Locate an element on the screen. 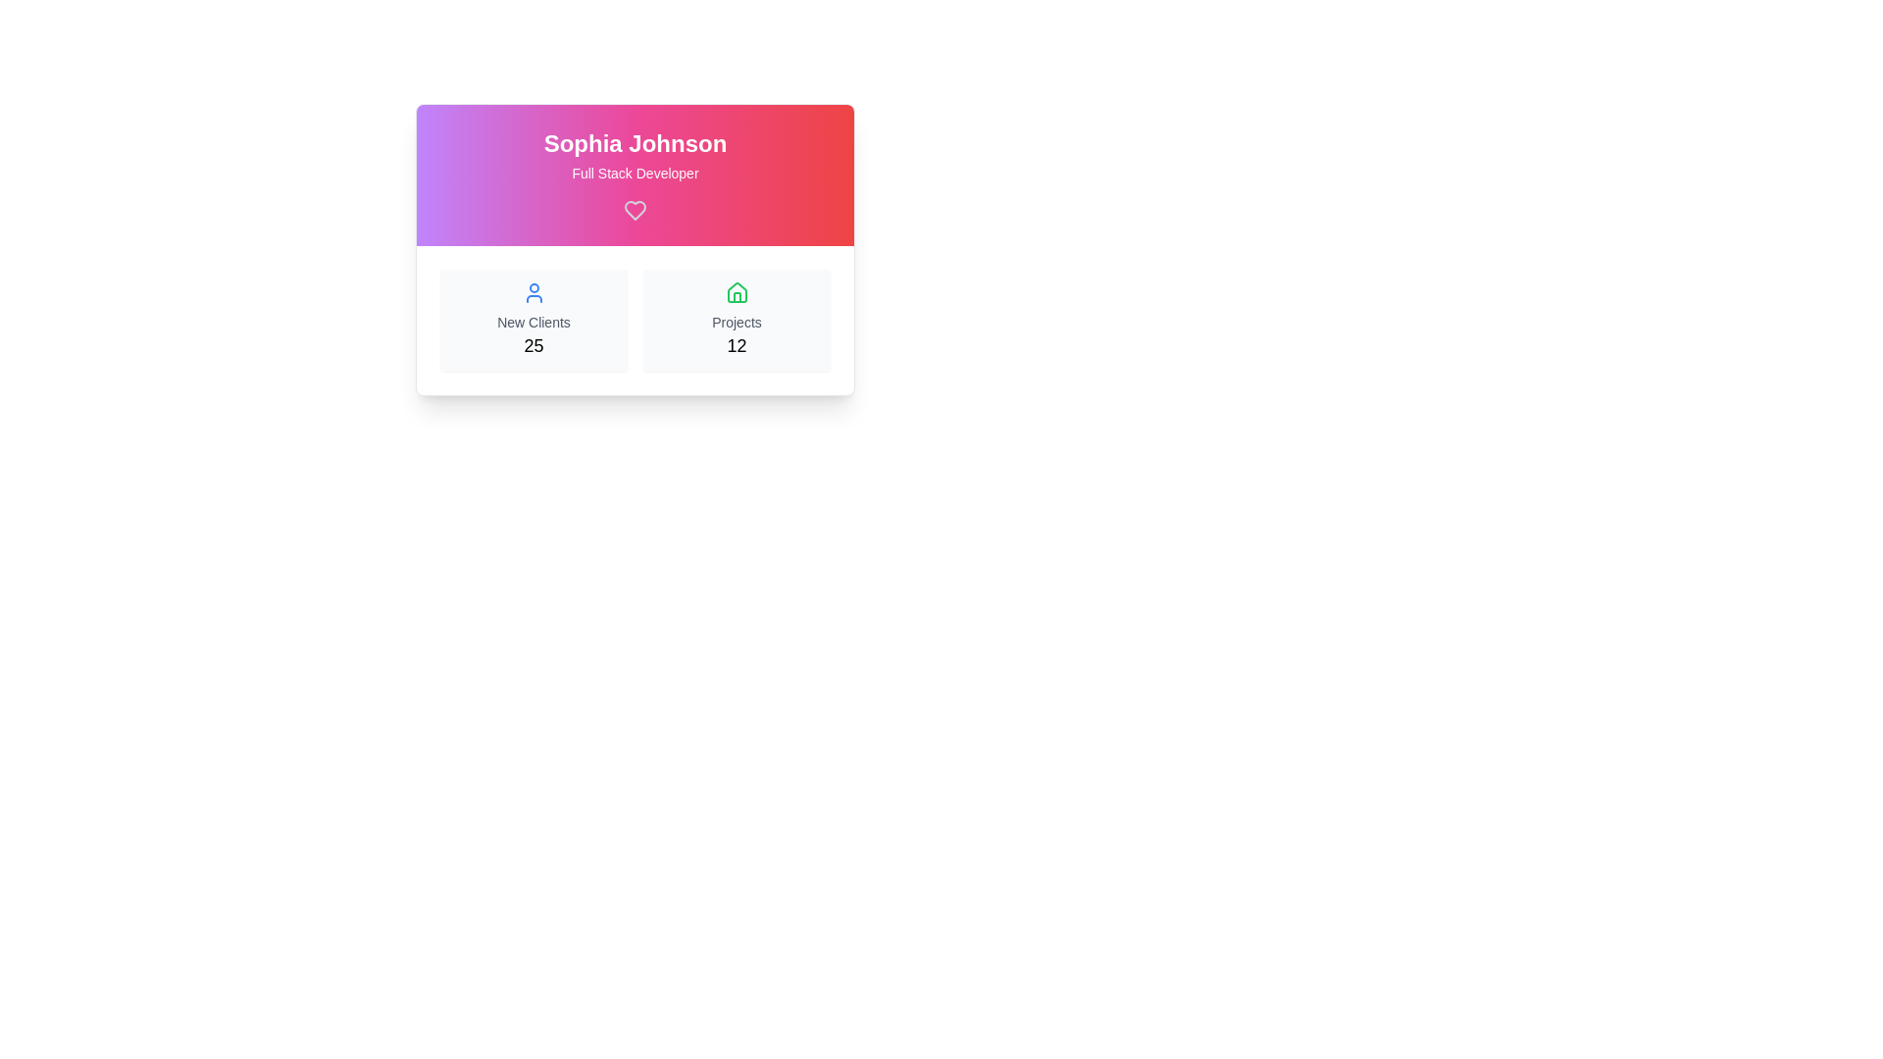  the icon representing user-related data for 'New Clients', located above the label 'New Clients' and the number '25' in the card group is located at coordinates (534, 293).